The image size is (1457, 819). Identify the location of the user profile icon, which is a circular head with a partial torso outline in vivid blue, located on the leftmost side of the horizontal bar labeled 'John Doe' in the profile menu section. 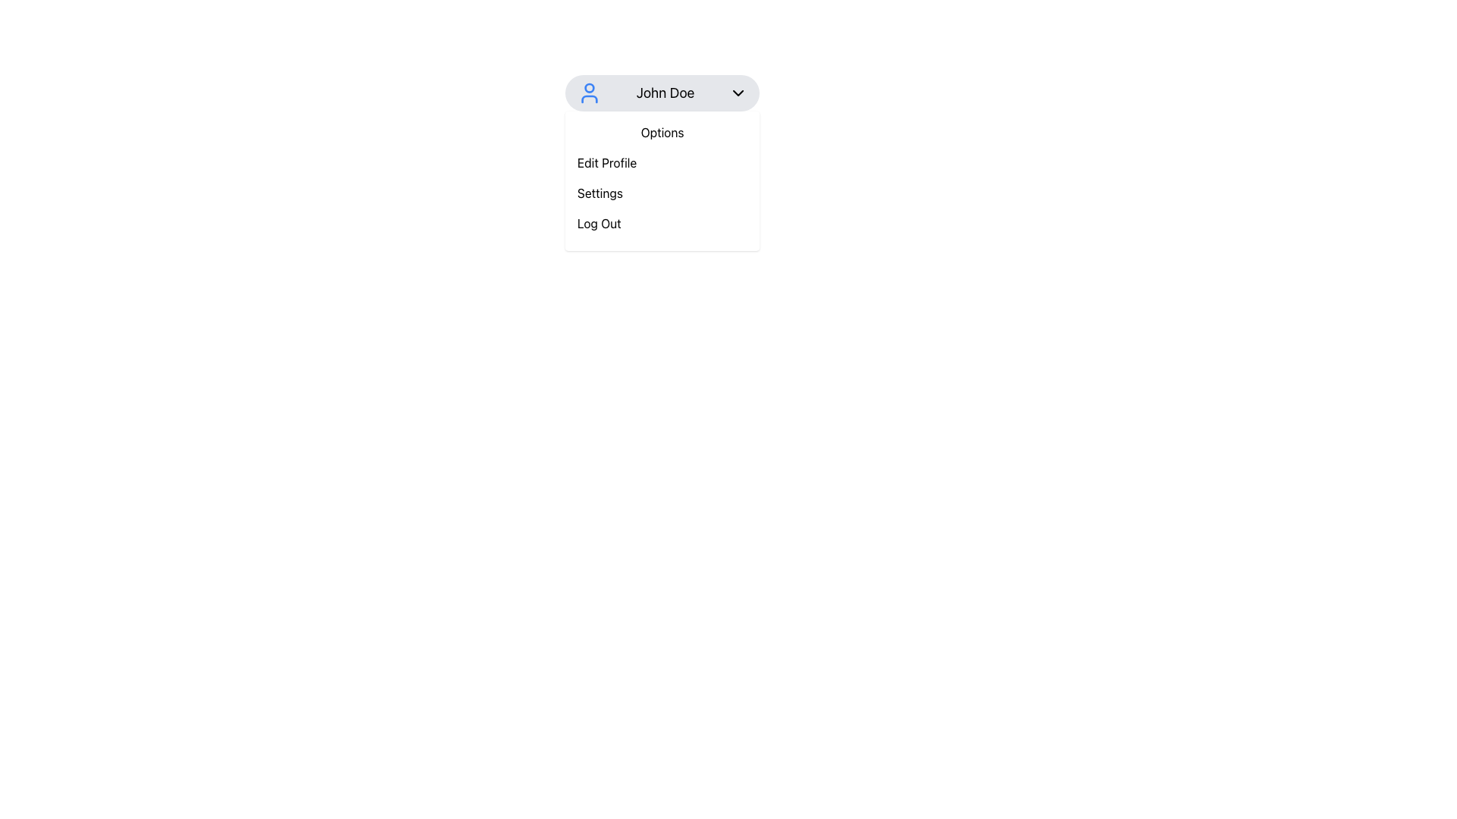
(589, 93).